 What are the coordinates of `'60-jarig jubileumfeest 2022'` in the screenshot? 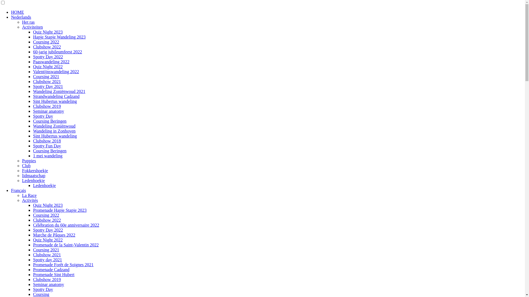 It's located at (58, 52).